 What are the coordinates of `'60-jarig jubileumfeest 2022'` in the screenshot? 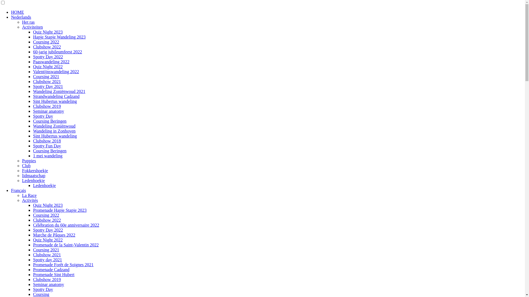 It's located at (58, 52).